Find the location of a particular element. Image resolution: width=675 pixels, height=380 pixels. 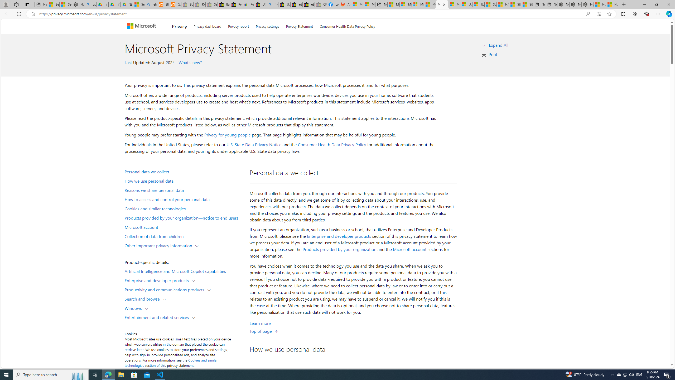

'Press Room - eBay Inc.' is located at coordinates (235, 4).